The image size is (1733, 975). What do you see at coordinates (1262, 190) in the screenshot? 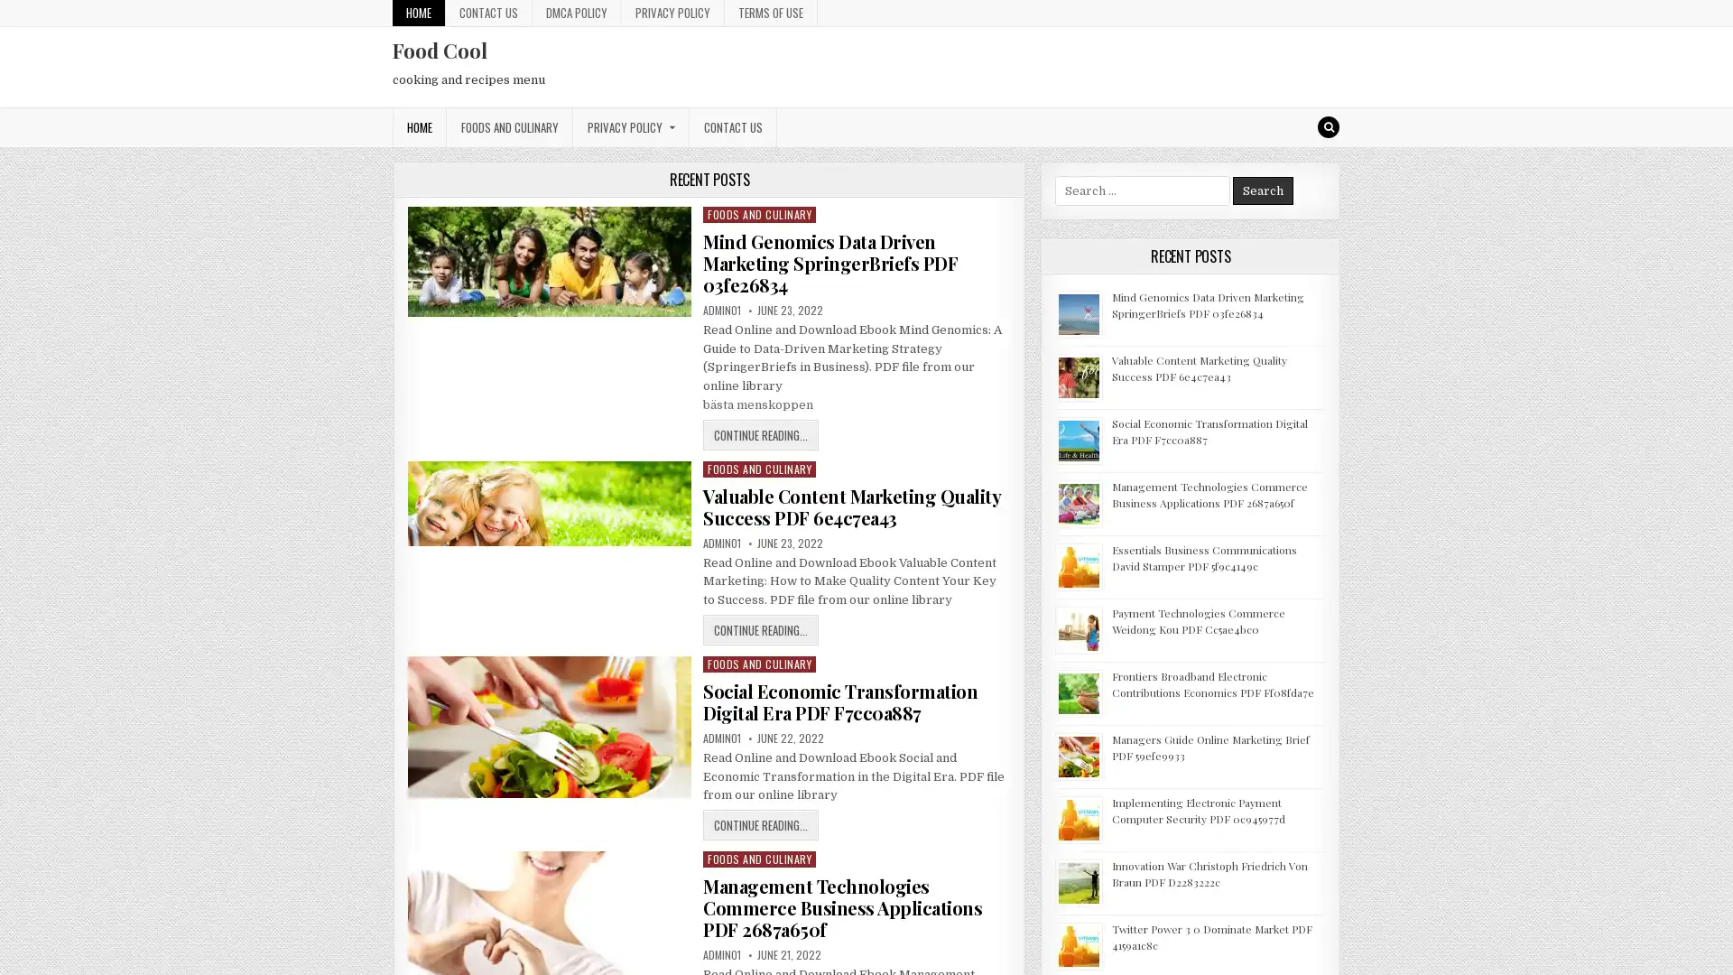
I see `Search` at bounding box center [1262, 190].